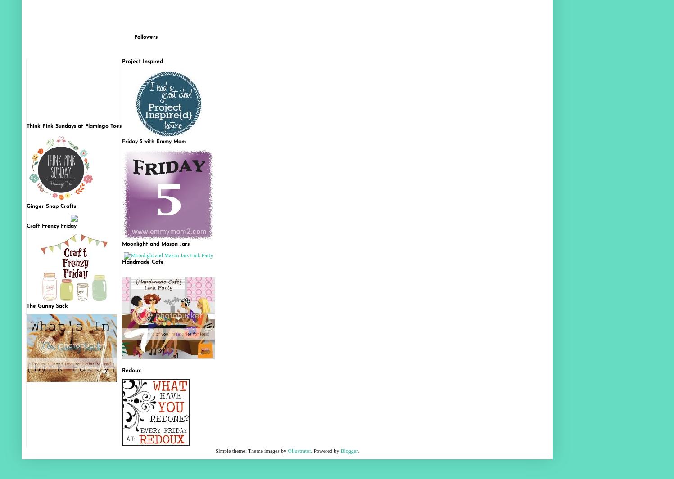 The image size is (674, 479). I want to click on 'Think Pink Sundays at Flamingo Toes', so click(73, 125).